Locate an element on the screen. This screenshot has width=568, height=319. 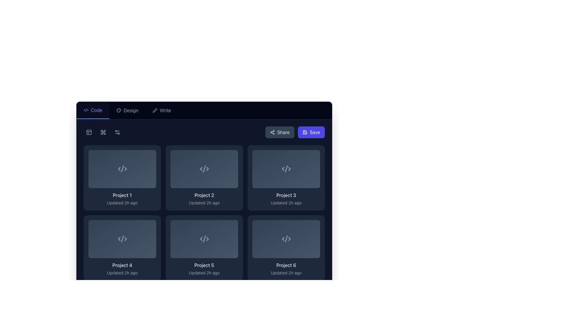
the SVG icon representing code or markup located at the center of the card labeled 'Project 5' is located at coordinates (204, 239).